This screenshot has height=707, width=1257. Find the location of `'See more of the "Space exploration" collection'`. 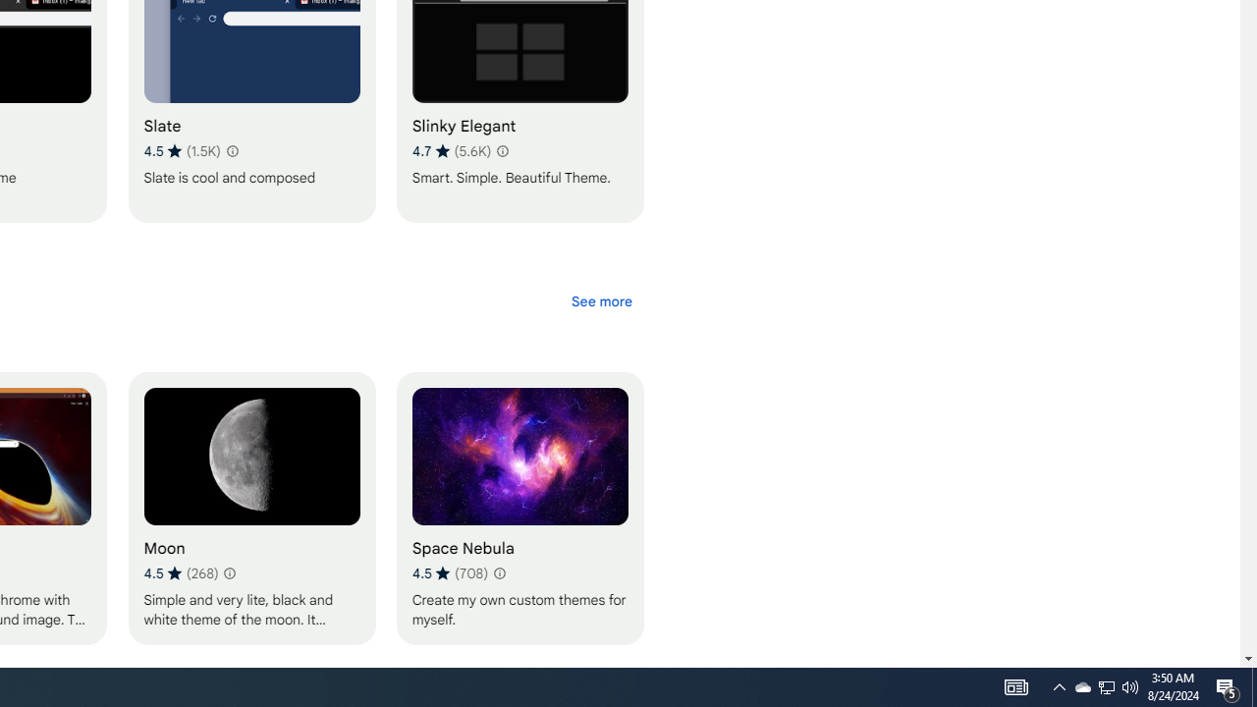

'See more of the "Space exploration" collection' is located at coordinates (600, 301).